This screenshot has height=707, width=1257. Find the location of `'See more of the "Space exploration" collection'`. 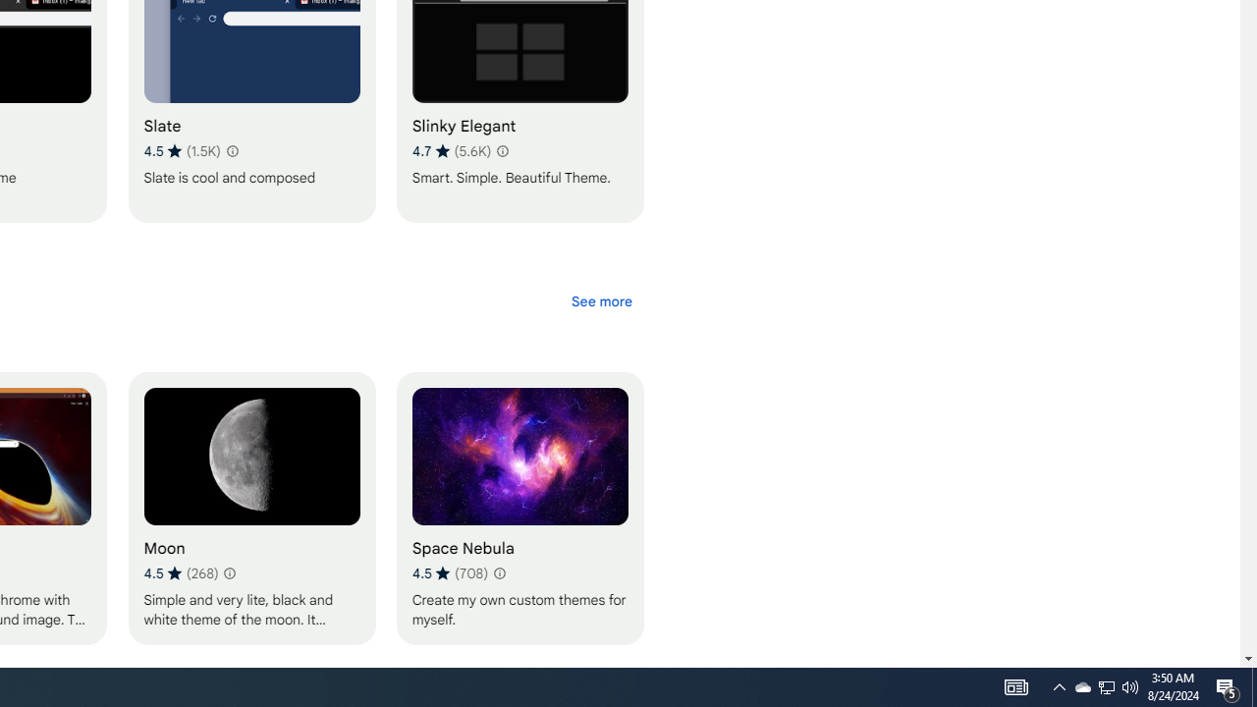

'See more of the "Space exploration" collection' is located at coordinates (600, 301).